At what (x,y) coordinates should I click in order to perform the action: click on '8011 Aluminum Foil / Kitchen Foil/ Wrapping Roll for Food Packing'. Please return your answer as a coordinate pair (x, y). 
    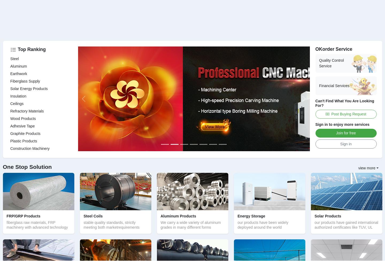
    Looking at the image, I should click on (193, 200).